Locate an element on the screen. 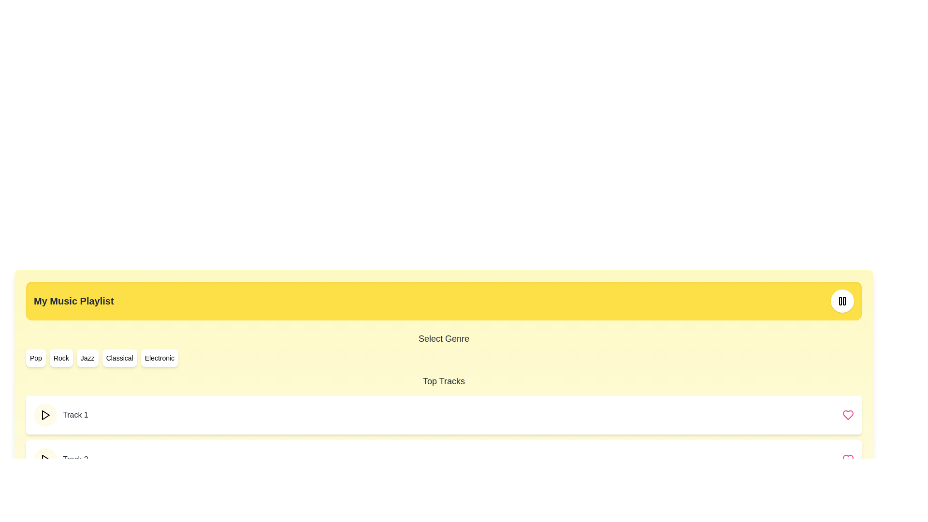 Image resolution: width=928 pixels, height=522 pixels. the Text label displaying 'Track 2', which is styled with a medium font weight and gray color, located within a playlist row to the right of the play button is located at coordinates (75, 459).